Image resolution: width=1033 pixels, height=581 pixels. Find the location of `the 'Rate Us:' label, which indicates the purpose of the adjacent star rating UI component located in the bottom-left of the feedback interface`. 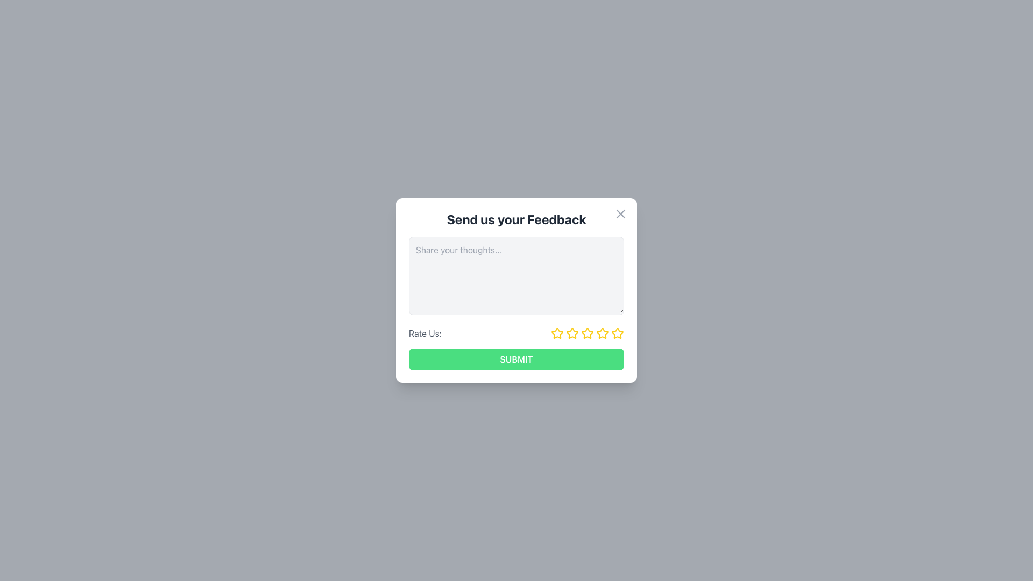

the 'Rate Us:' label, which indicates the purpose of the adjacent star rating UI component located in the bottom-left of the feedback interface is located at coordinates (424, 333).